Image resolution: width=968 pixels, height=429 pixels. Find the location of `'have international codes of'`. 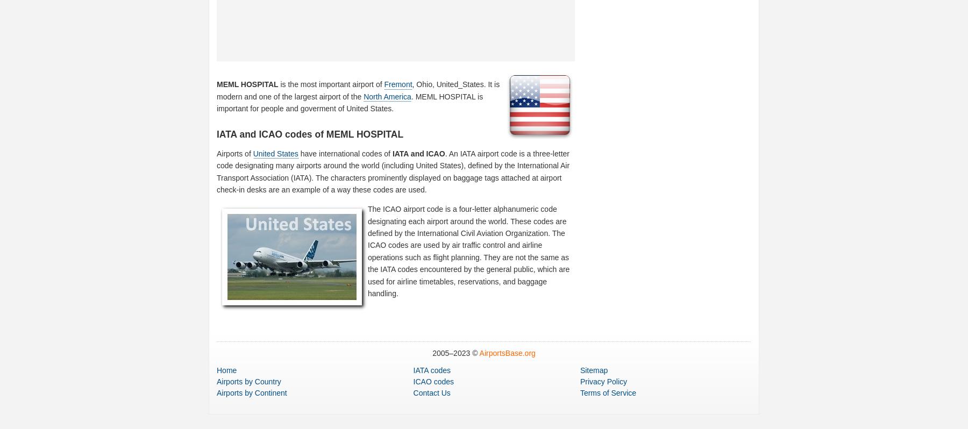

'have international codes of' is located at coordinates (345, 153).